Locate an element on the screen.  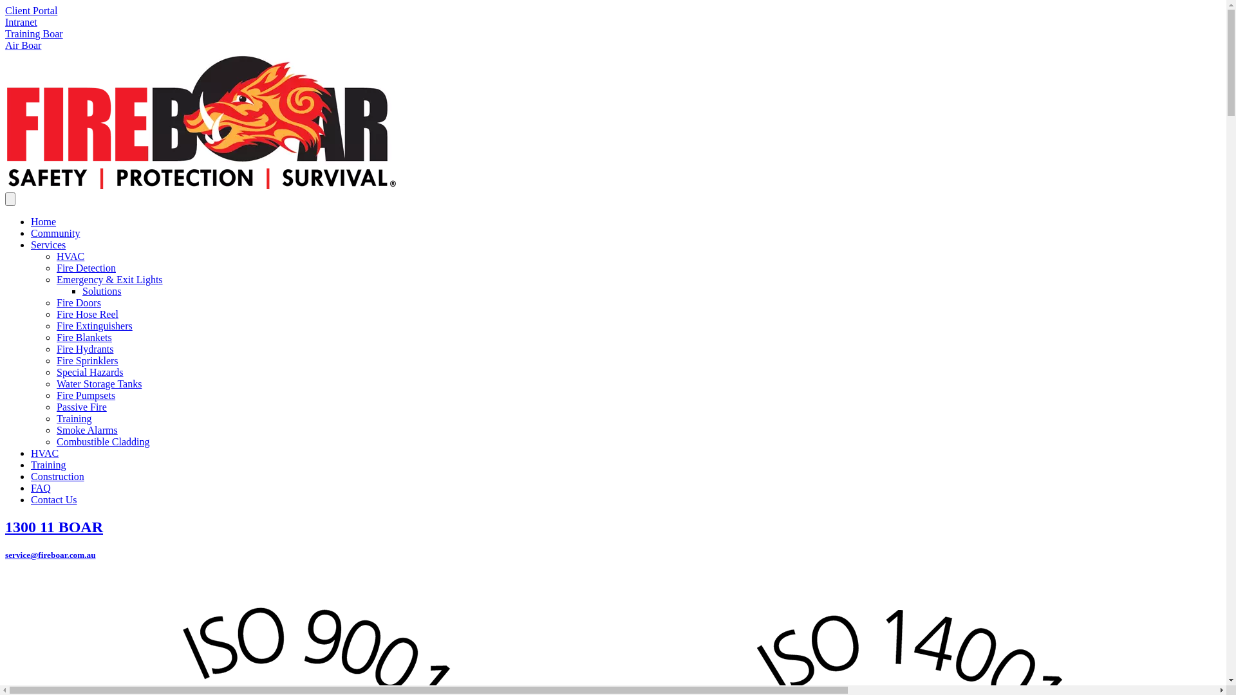
'Client Portal' is located at coordinates (31, 10).